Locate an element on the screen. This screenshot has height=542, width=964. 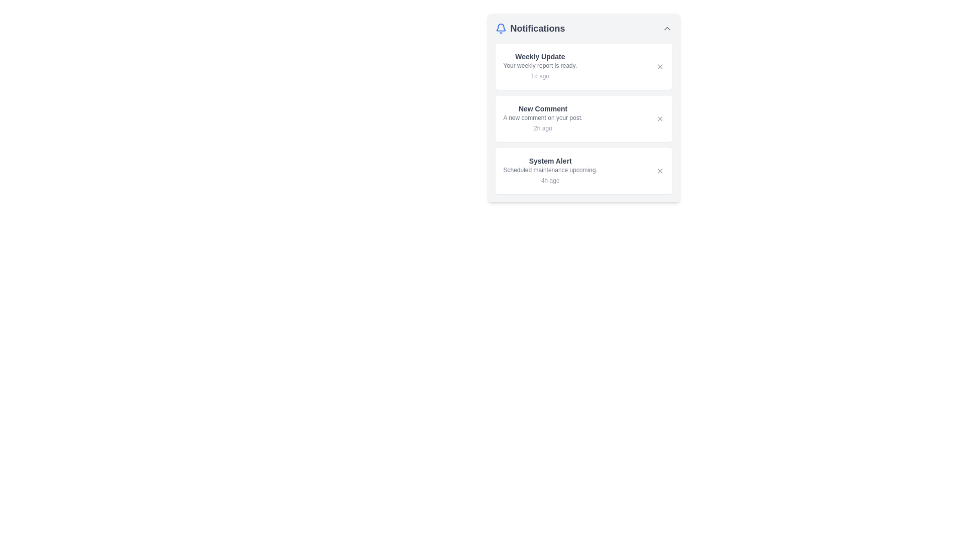
the static text label indicating the notifications section, which is located immediately to the right of a blue bell icon at the top-left corner of the notification summary card is located at coordinates (537, 28).